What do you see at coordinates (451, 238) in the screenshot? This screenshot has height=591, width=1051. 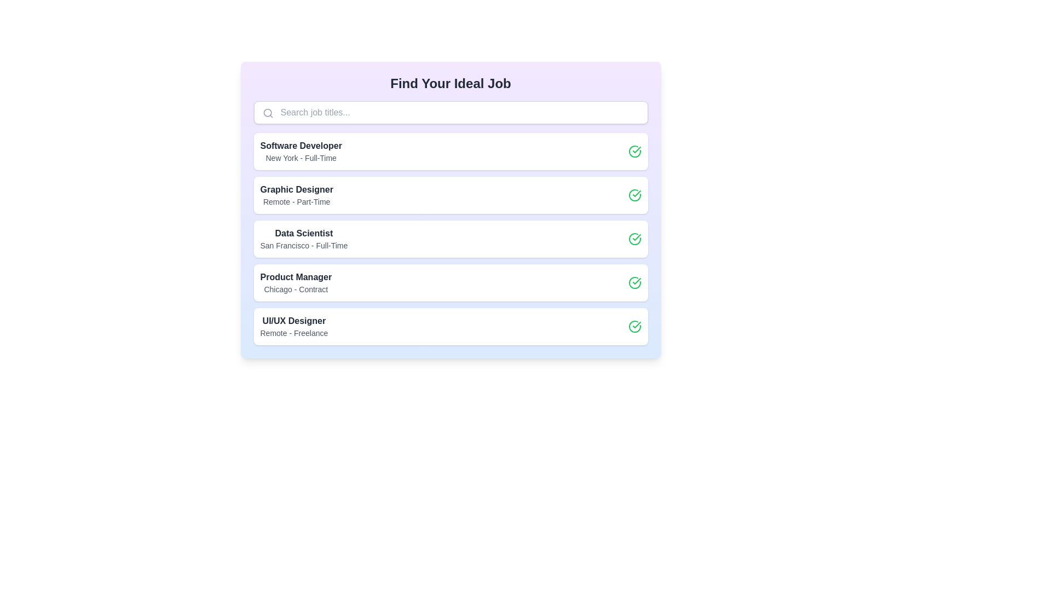 I see `the 'Data Scientist' job posting card located in the third position of the vertical list` at bounding box center [451, 238].